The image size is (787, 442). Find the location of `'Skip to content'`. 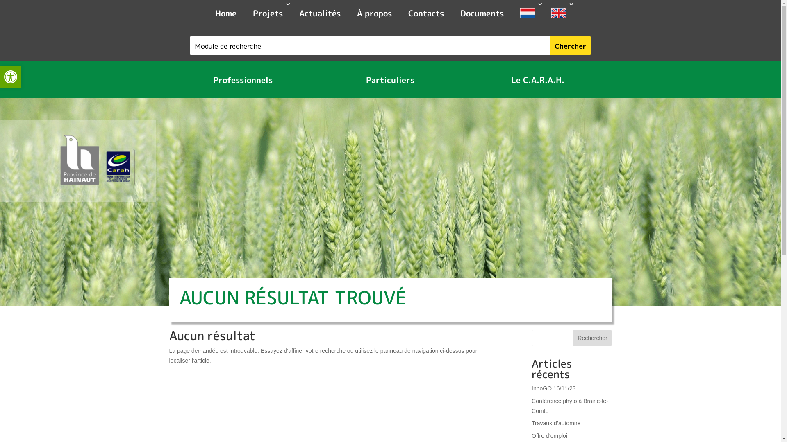

'Skip to content' is located at coordinates (0, 0).